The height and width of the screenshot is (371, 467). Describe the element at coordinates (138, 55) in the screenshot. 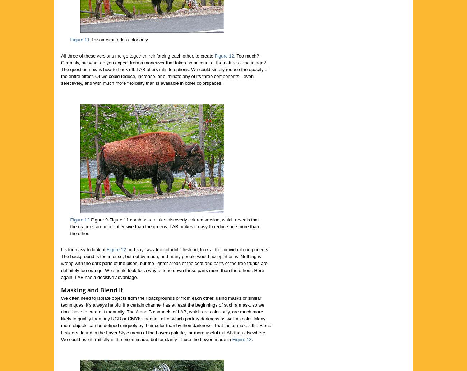

I see `'All three of these versions merge together, reinforcing each other, to create'` at that location.